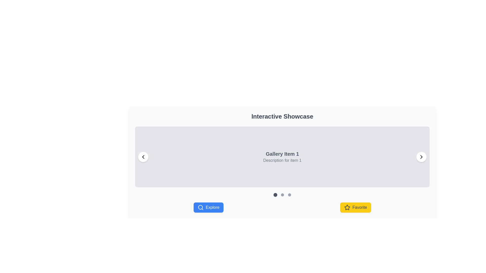  I want to click on the star icon, which is a line art styled icon with a black outline, located to the left of the 'Favorite' text in a yellow rectangular button, so click(347, 208).